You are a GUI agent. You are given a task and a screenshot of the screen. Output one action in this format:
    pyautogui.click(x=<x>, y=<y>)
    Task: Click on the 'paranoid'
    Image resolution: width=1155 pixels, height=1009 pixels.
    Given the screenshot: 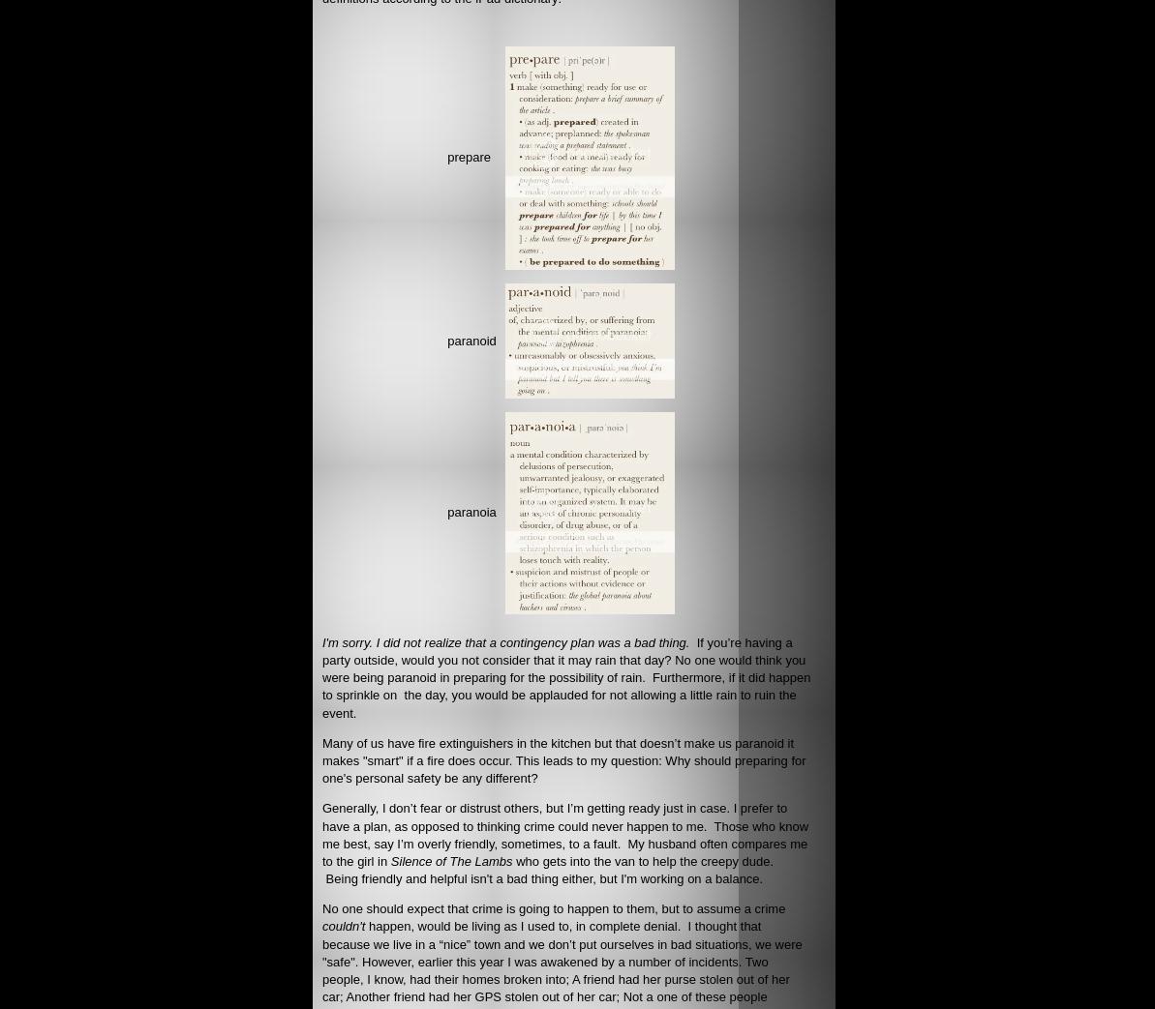 What is the action you would take?
    pyautogui.click(x=447, y=339)
    